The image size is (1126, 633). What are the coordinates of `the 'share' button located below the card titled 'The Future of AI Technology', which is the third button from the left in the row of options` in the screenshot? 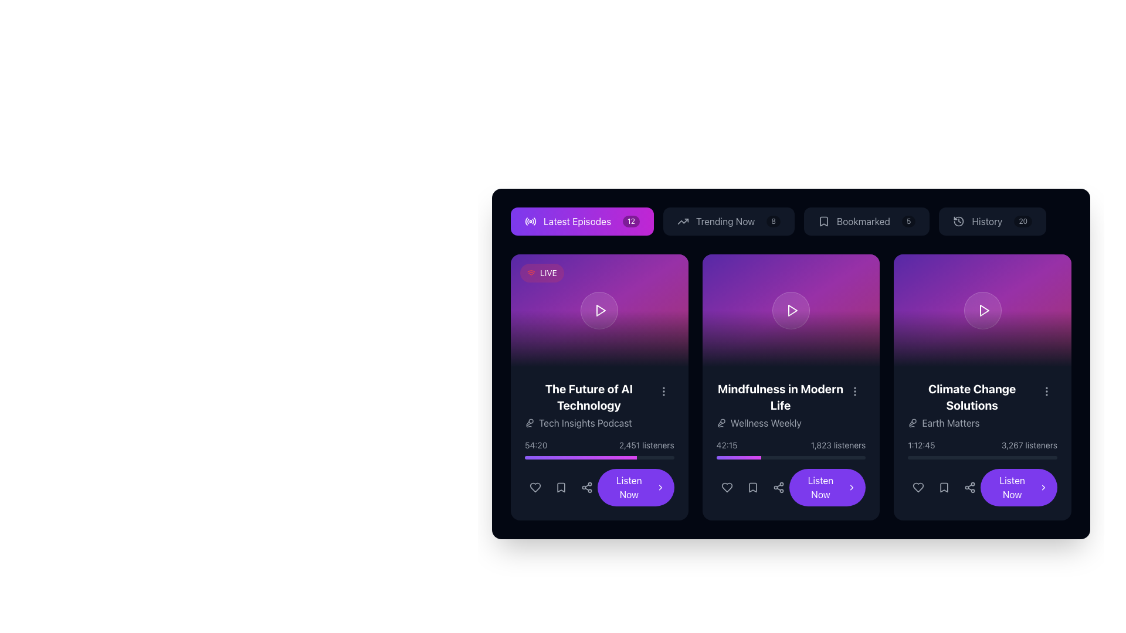 It's located at (587, 488).